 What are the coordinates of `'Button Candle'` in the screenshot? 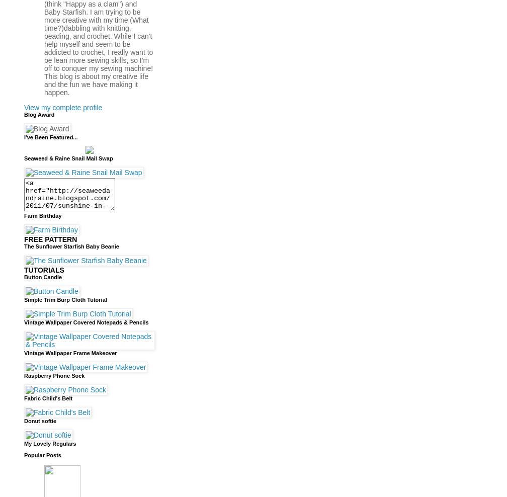 It's located at (43, 276).